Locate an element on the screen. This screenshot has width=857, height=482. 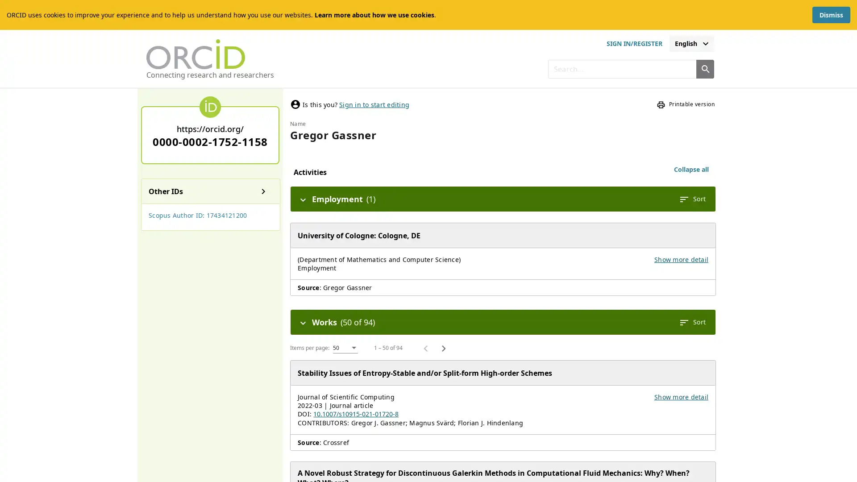
Next page is located at coordinates (443, 347).